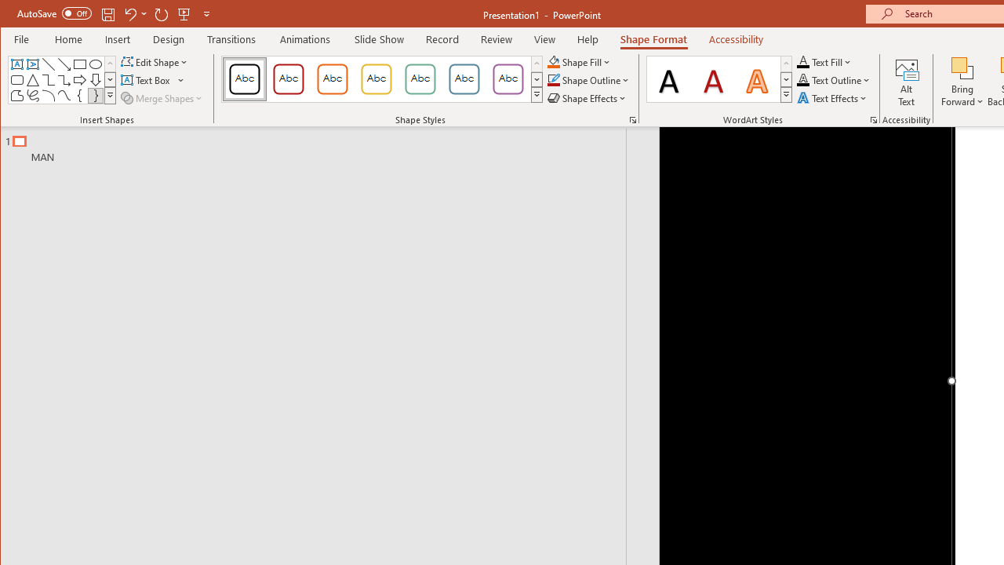 This screenshot has width=1004, height=565. I want to click on 'Fill: Dark Red, Accent color 1; Shadow', so click(713, 78).